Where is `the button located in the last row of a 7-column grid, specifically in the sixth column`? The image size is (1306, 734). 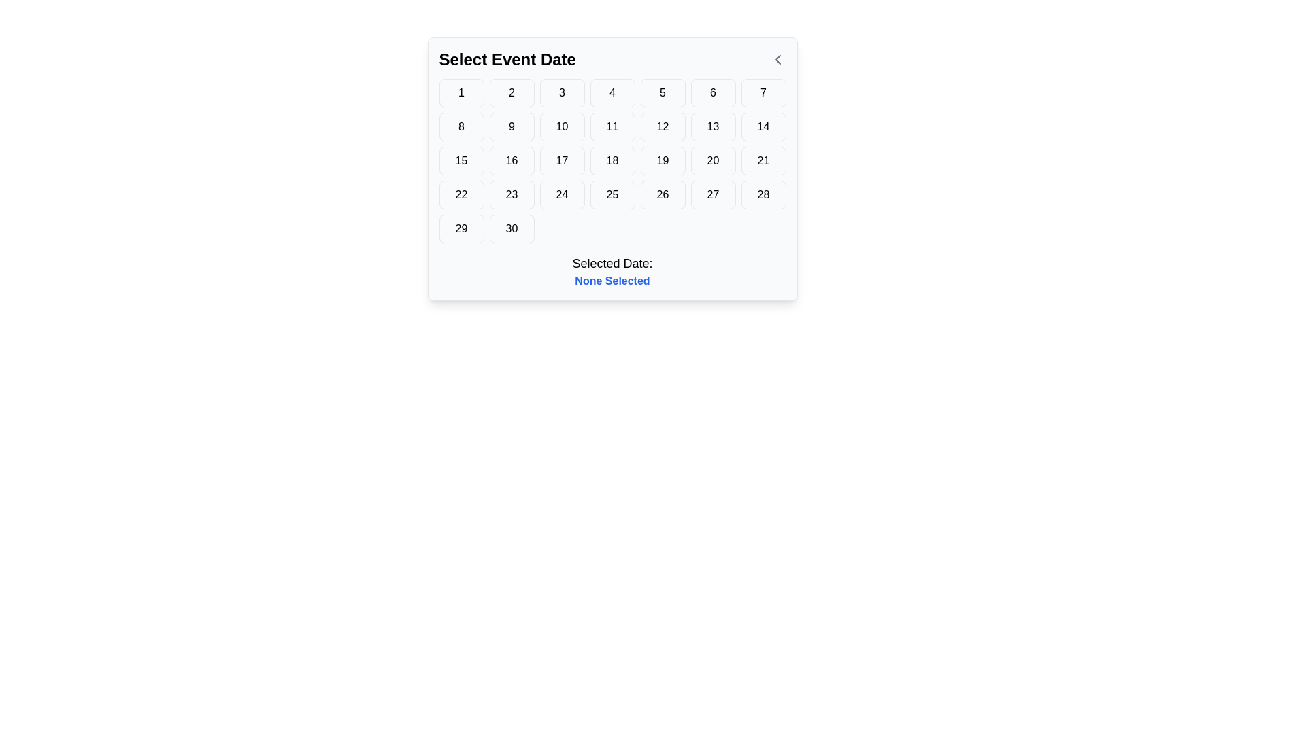 the button located in the last row of a 7-column grid, specifically in the sixth column is located at coordinates (511, 228).